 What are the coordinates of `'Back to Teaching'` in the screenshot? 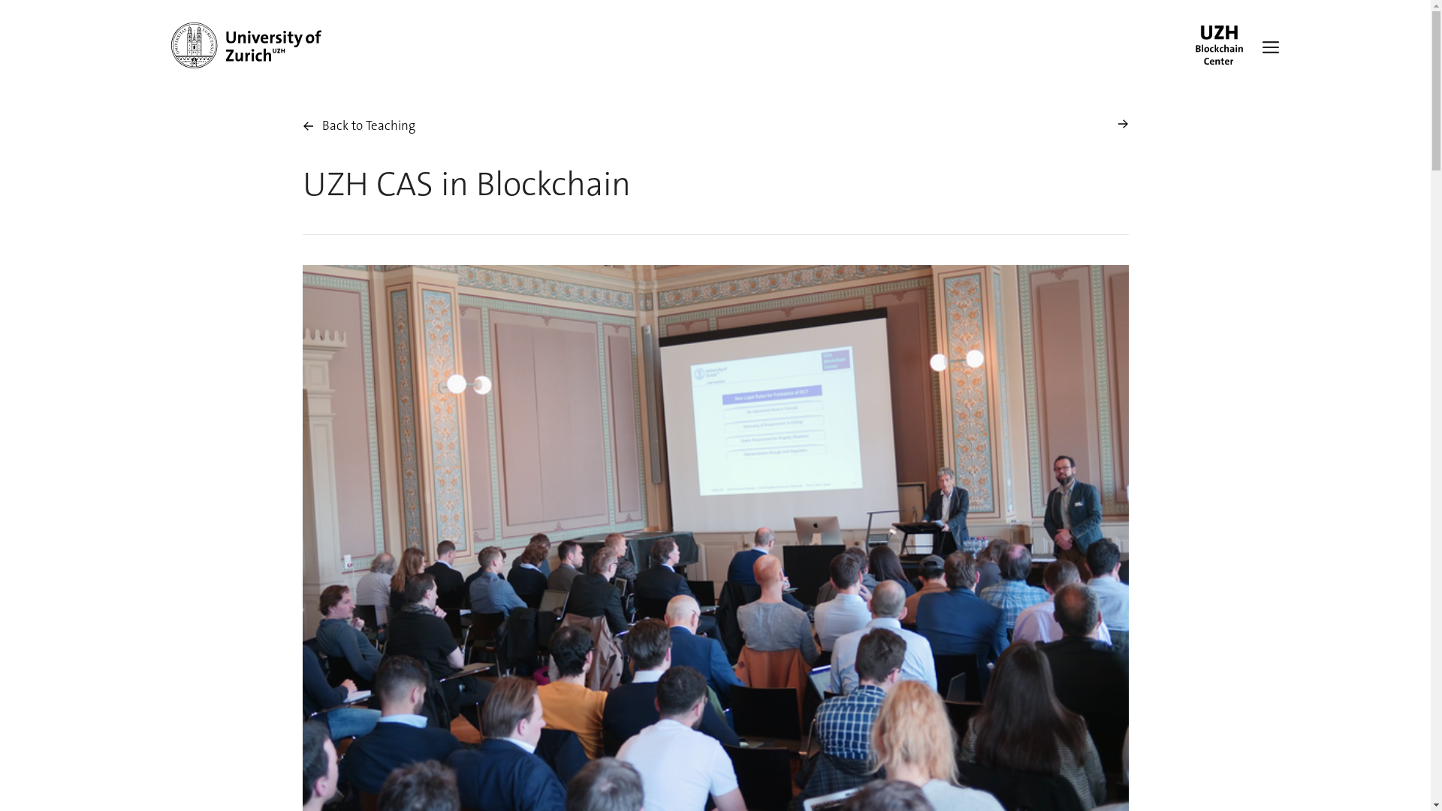 It's located at (357, 126).